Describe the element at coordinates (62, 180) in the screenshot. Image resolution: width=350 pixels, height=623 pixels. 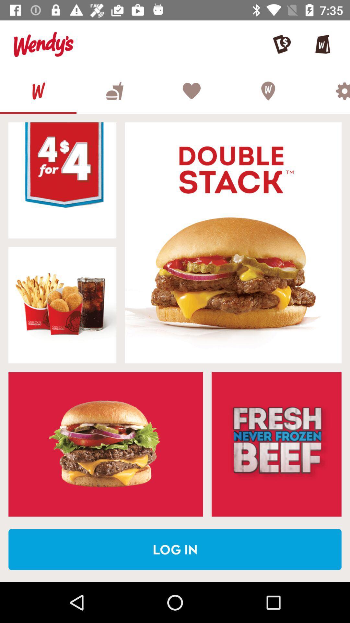
I see `offer the burger` at that location.